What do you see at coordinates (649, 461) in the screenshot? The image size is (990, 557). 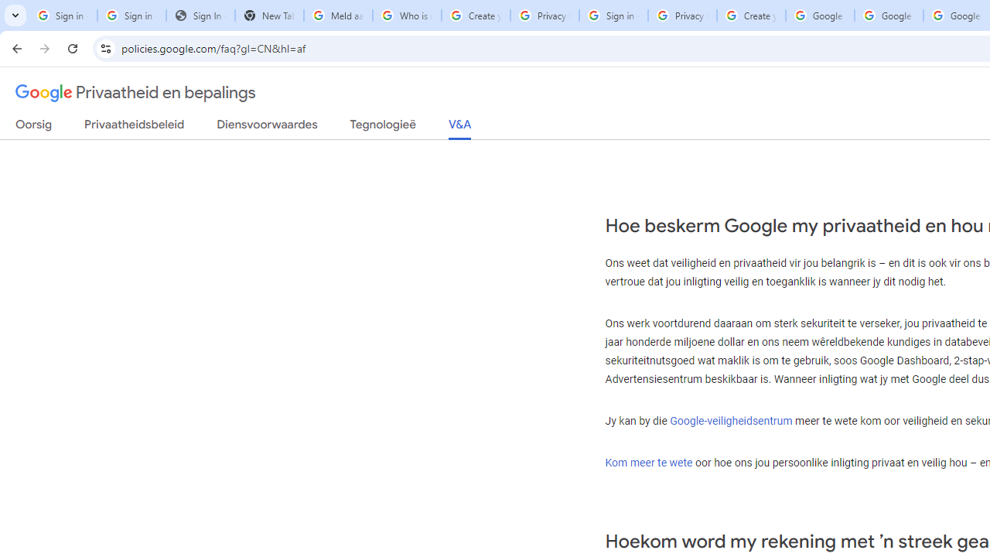 I see `'Kom meer te wete'` at bounding box center [649, 461].